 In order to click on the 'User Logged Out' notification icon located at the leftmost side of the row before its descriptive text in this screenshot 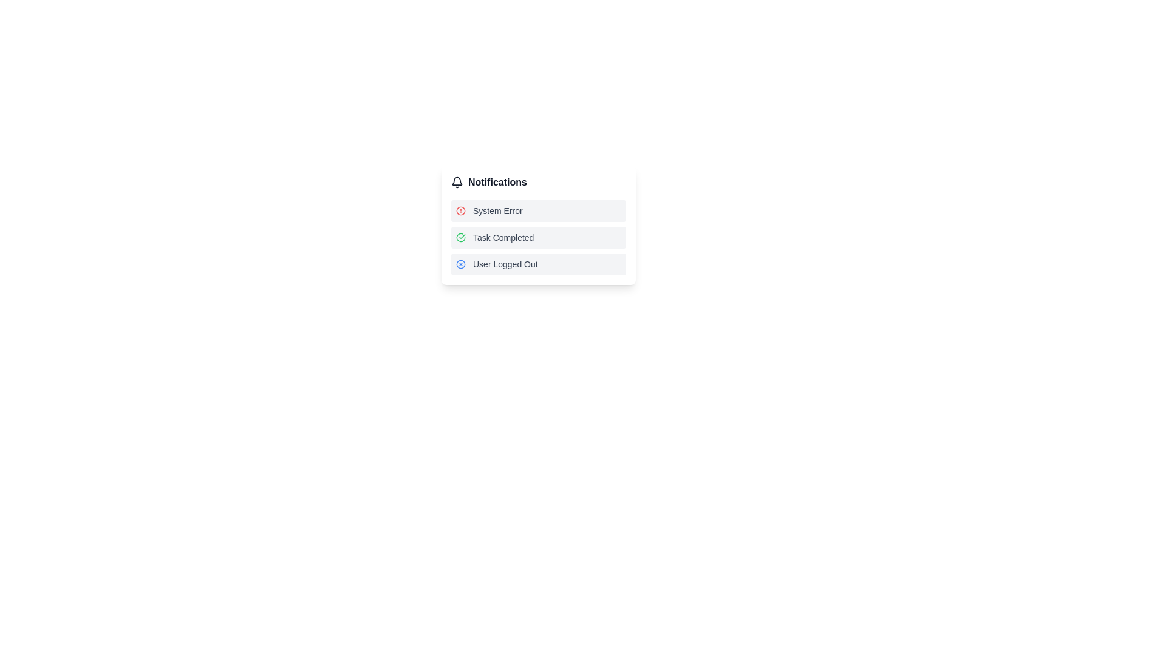, I will do `click(460, 263)`.